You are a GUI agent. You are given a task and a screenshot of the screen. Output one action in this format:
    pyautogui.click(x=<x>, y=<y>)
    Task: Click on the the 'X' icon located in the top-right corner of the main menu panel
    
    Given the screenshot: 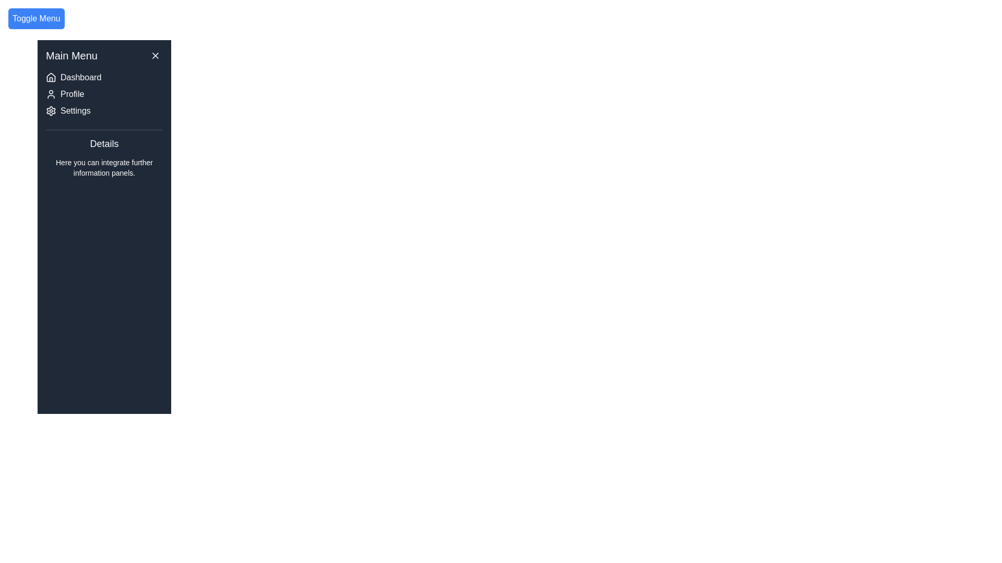 What is the action you would take?
    pyautogui.click(x=154, y=56)
    